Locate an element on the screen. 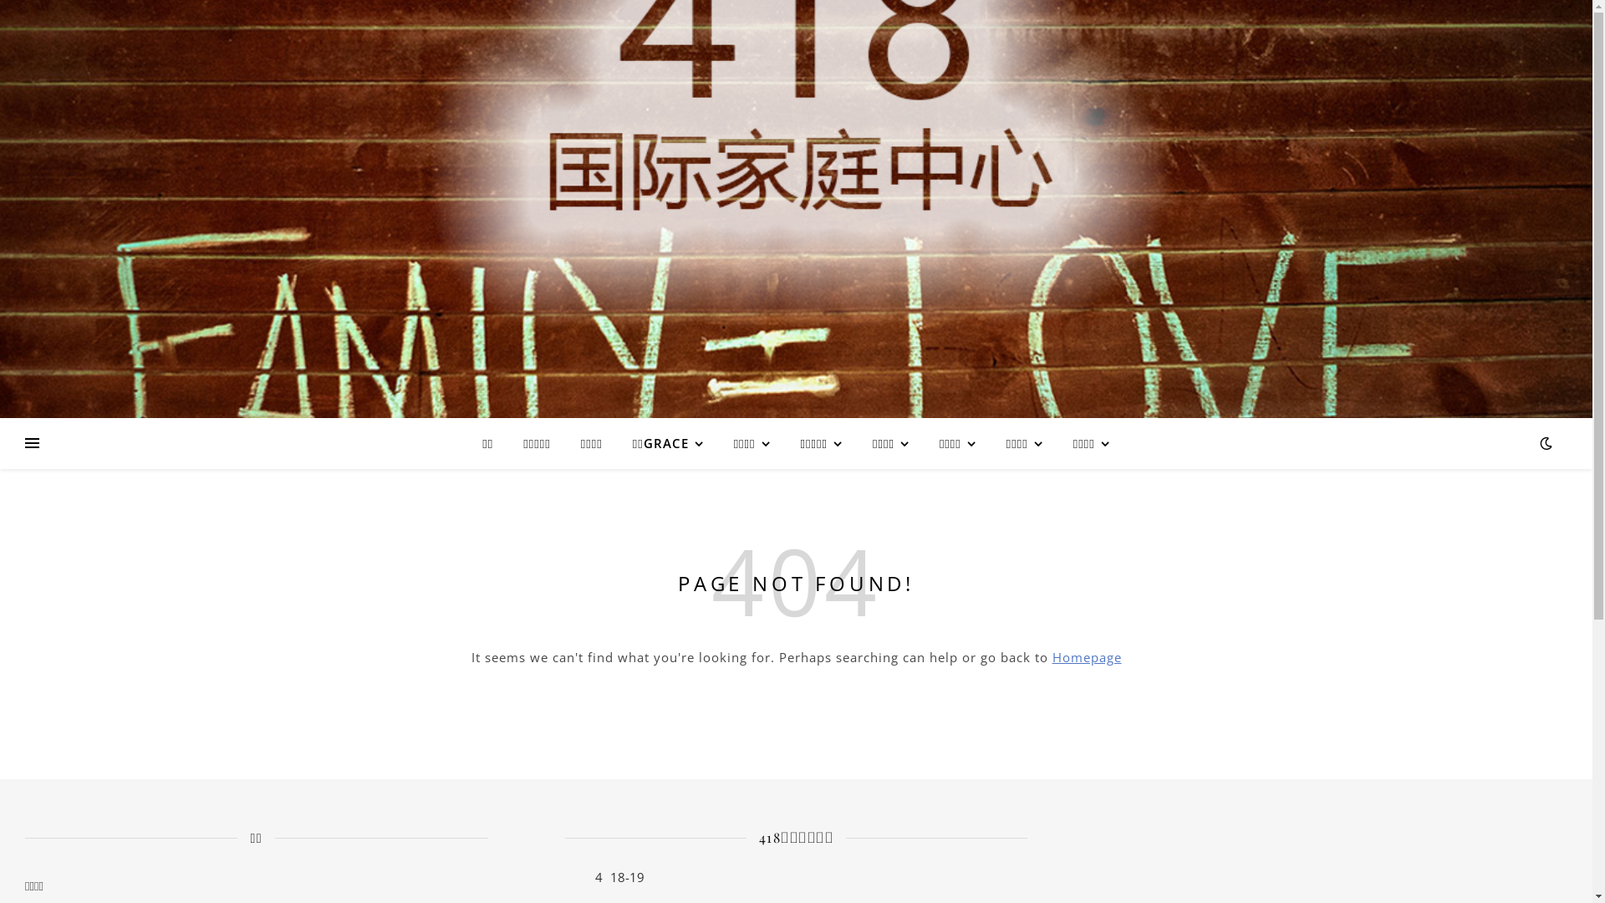  'Homepage' is located at coordinates (1086, 656).